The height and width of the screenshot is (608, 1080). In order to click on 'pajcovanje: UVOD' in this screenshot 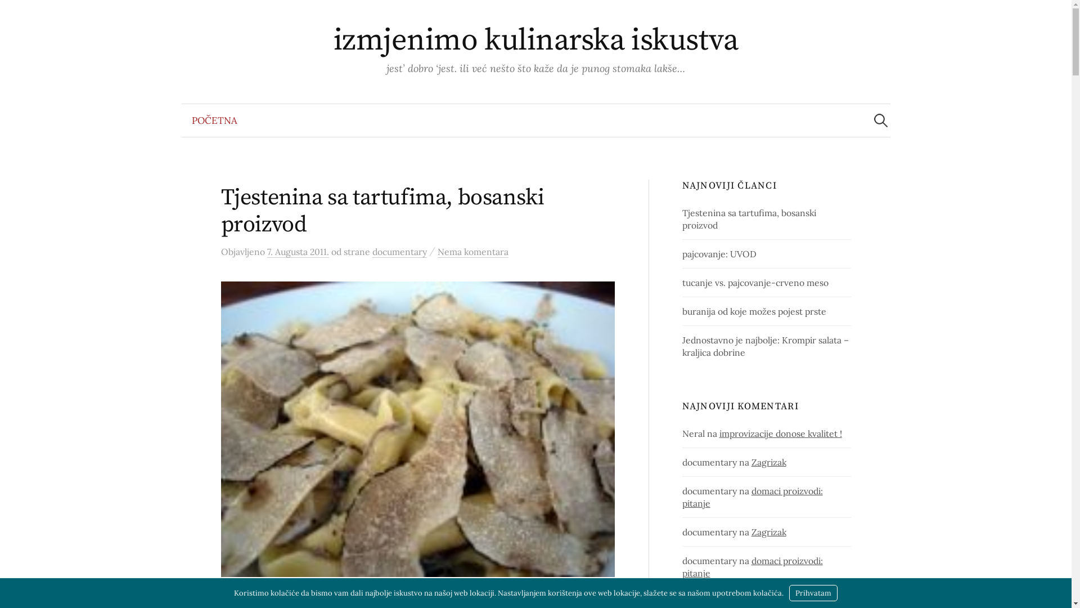, I will do `click(682, 254)`.